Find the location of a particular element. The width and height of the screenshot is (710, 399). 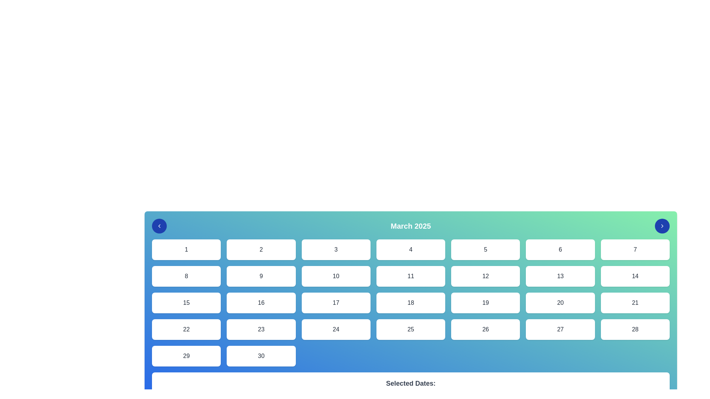

the static text label displaying 'March 2025', which is bold and large in white color, centrally aligned between two circular interactive buttons is located at coordinates (410, 226).